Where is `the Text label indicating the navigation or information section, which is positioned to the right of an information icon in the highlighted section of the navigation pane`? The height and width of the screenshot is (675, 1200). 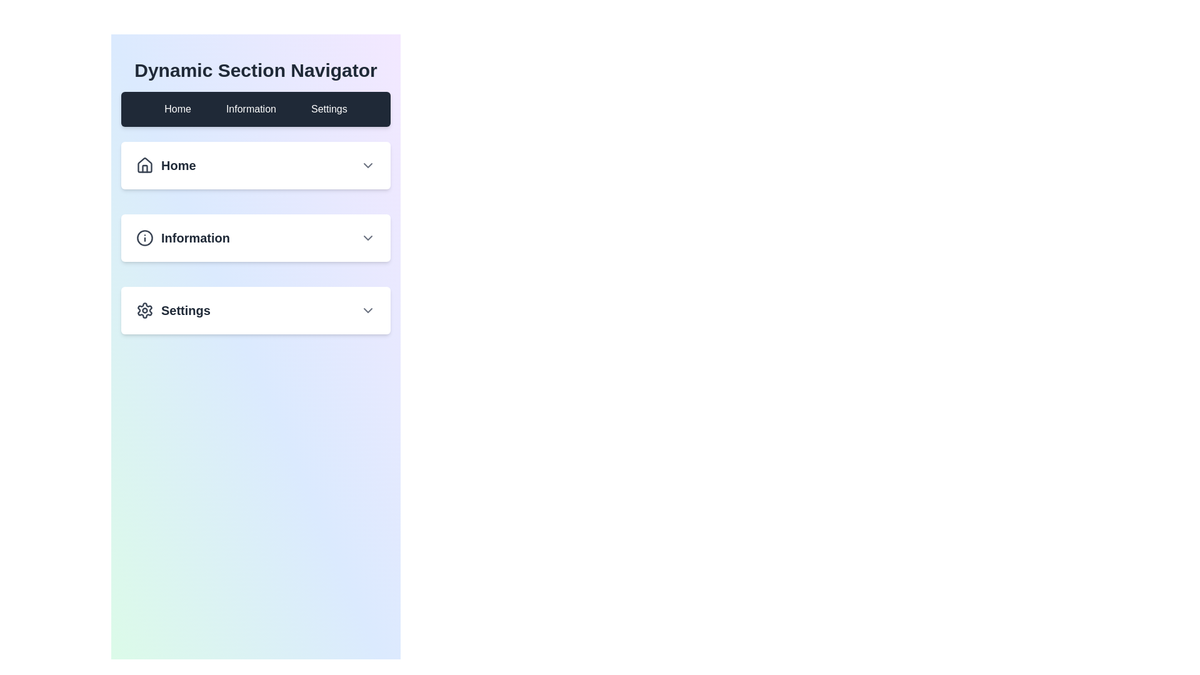 the Text label indicating the navigation or information section, which is positioned to the right of an information icon in the highlighted section of the navigation pane is located at coordinates (194, 238).